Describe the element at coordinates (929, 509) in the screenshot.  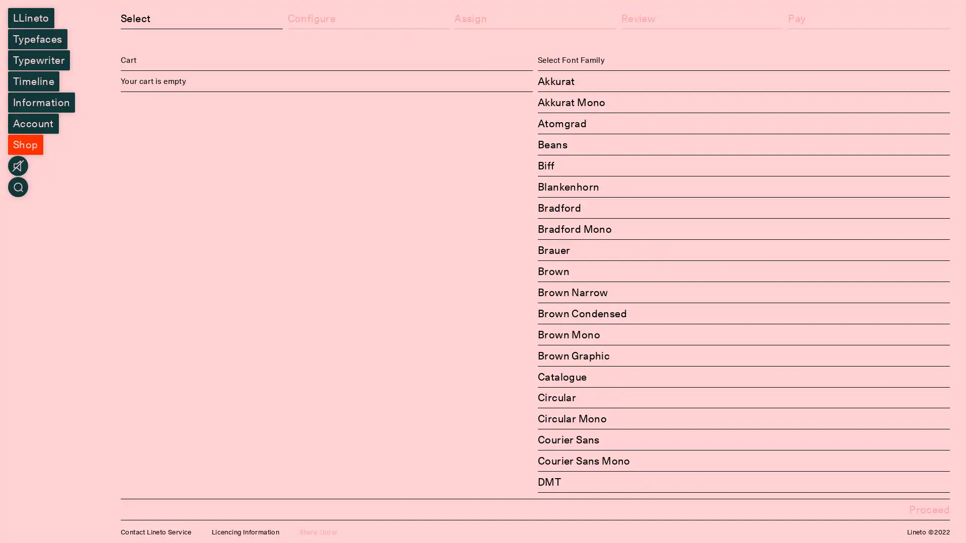
I see `Proceed` at that location.